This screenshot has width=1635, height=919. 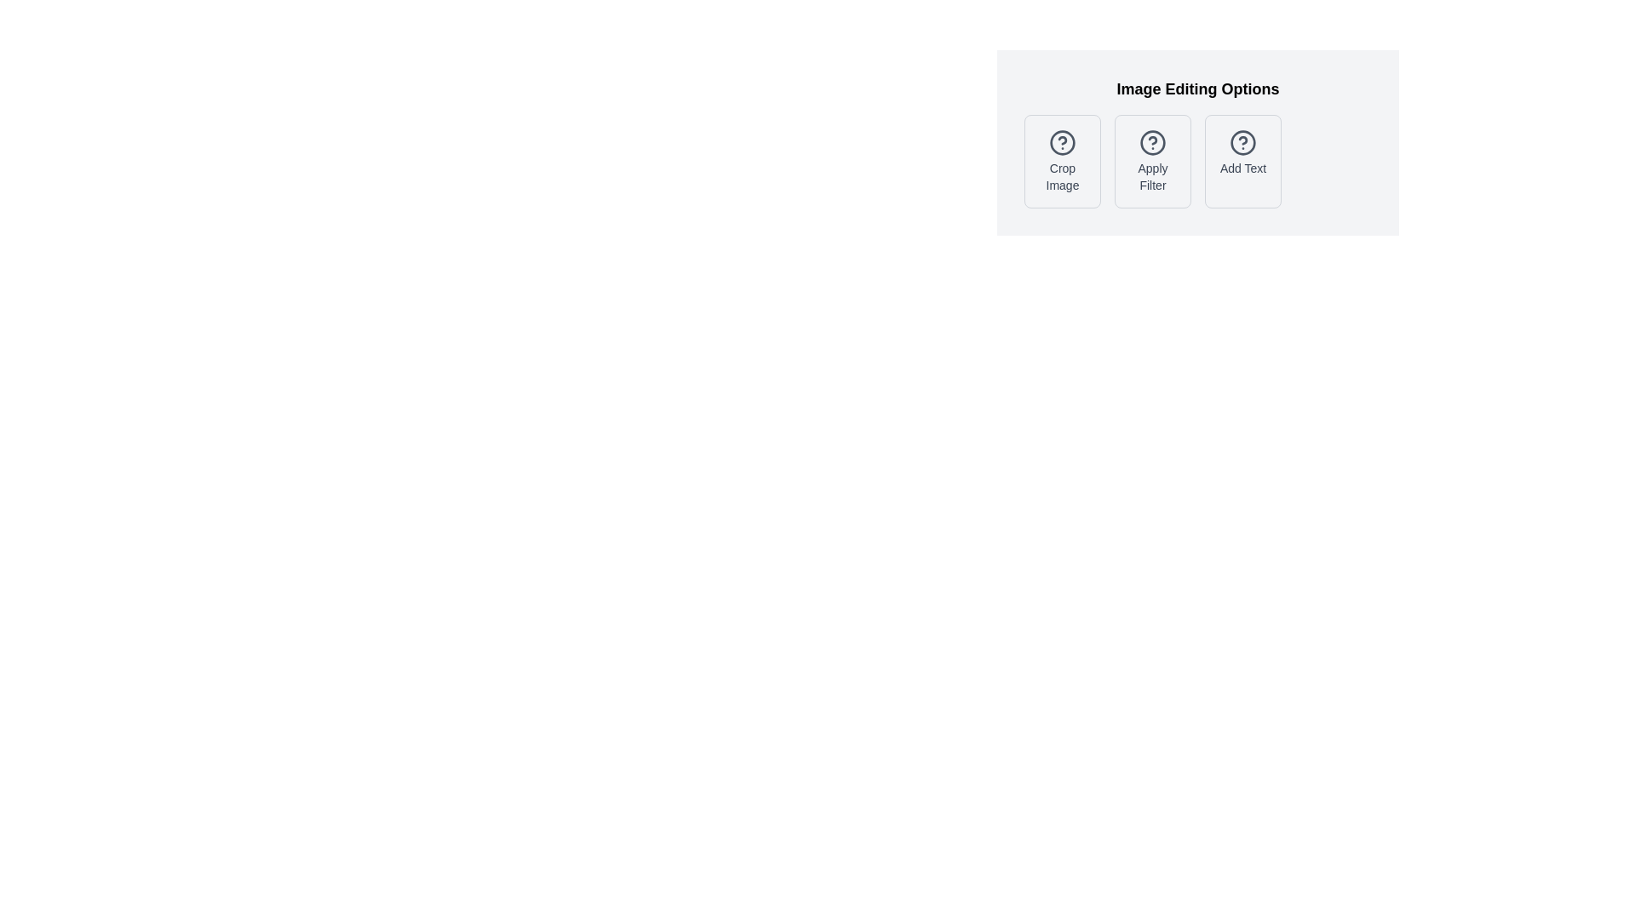 I want to click on the 'Apply Filter' option in the horizontal menu or toolbar located at the top-center of the interface, so click(x=1196, y=142).